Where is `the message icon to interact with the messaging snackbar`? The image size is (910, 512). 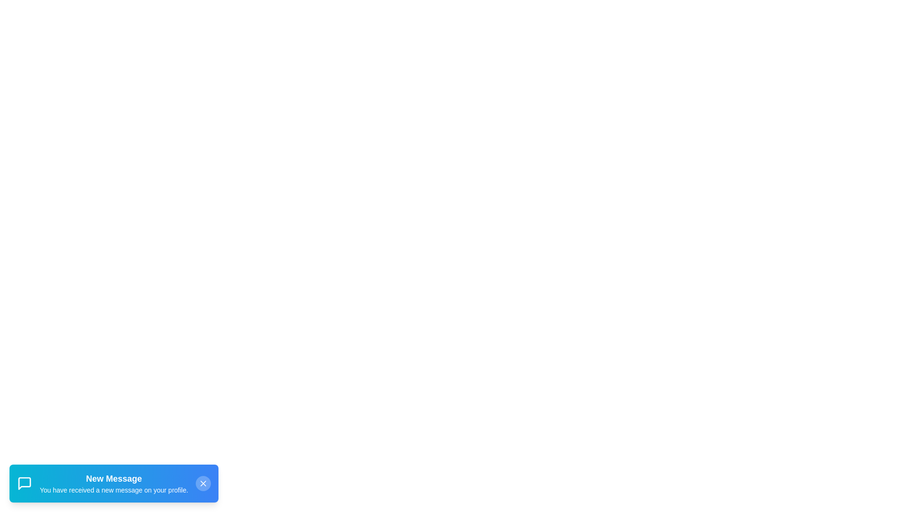 the message icon to interact with the messaging snackbar is located at coordinates (25, 483).